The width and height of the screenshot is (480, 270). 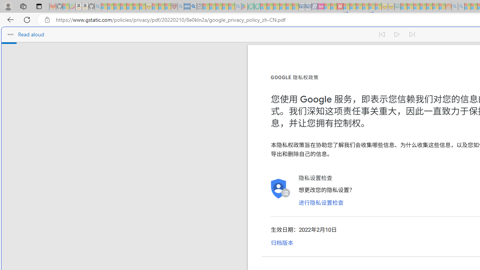 What do you see at coordinates (346, 6) in the screenshot?
I see `'Trusted Community Engagement and Contributions | Guidelines'` at bounding box center [346, 6].